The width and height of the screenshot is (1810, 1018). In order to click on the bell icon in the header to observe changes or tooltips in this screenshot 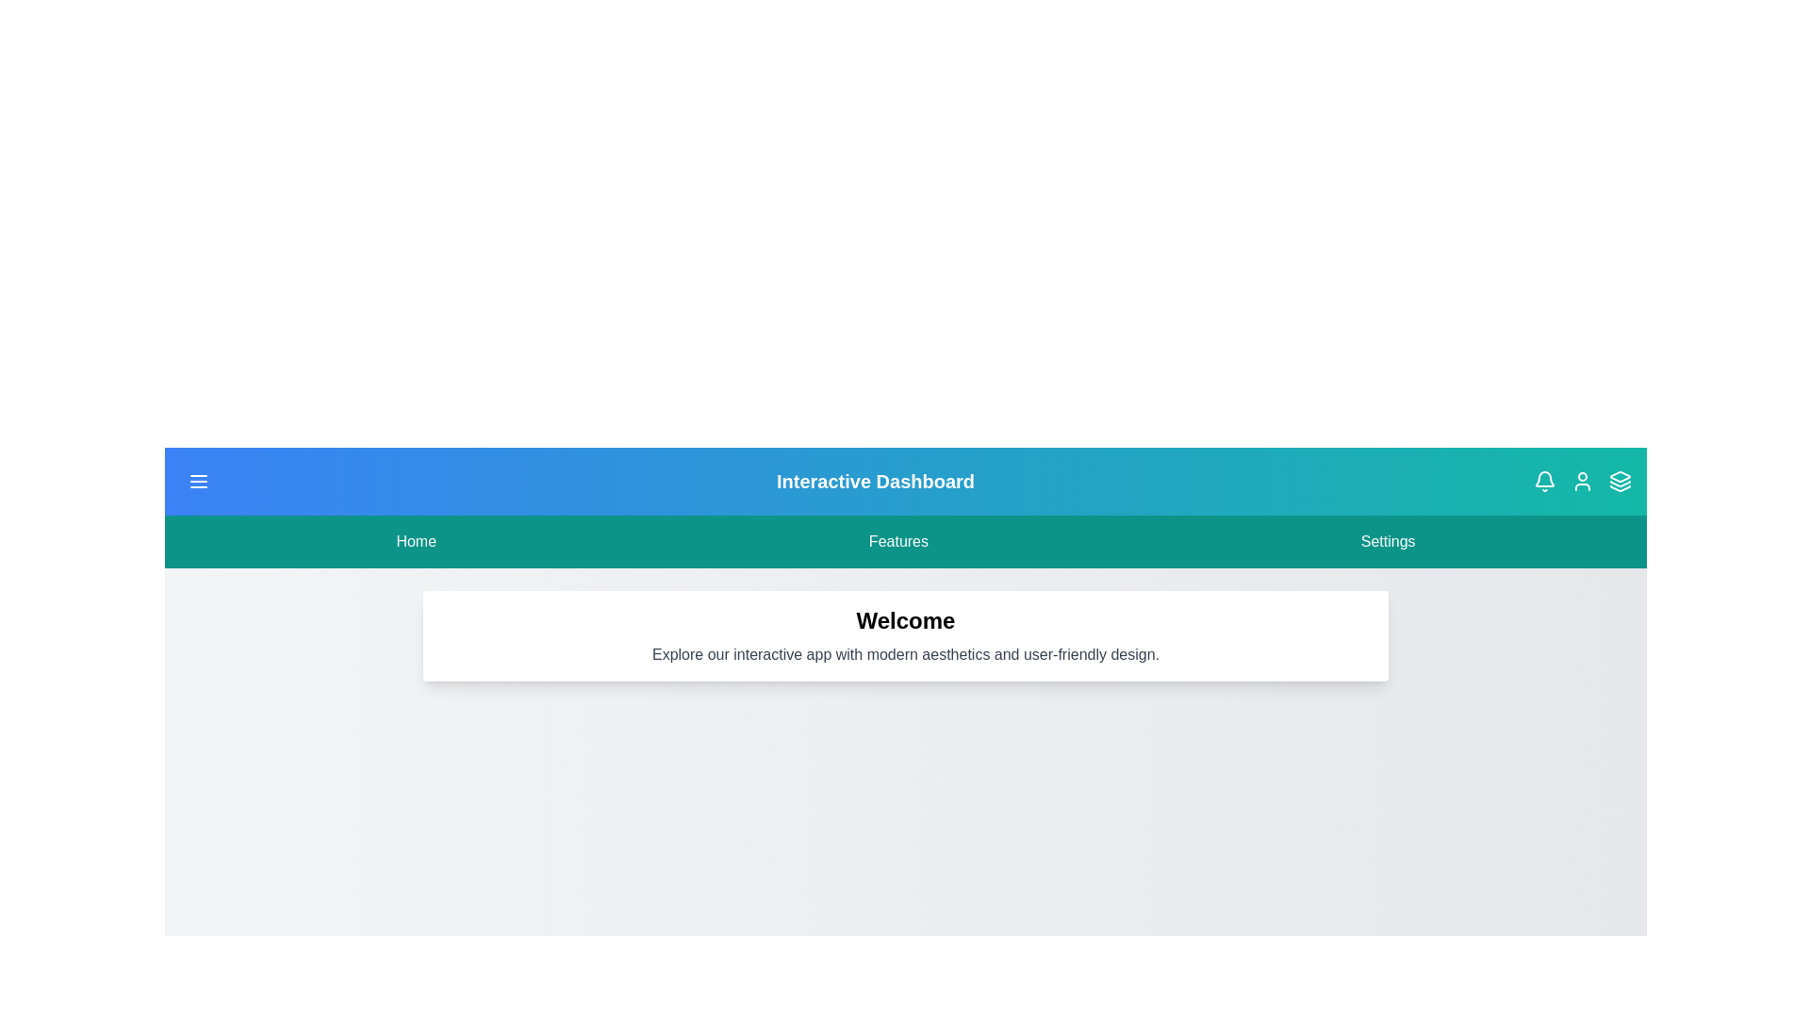, I will do `click(1544, 480)`.